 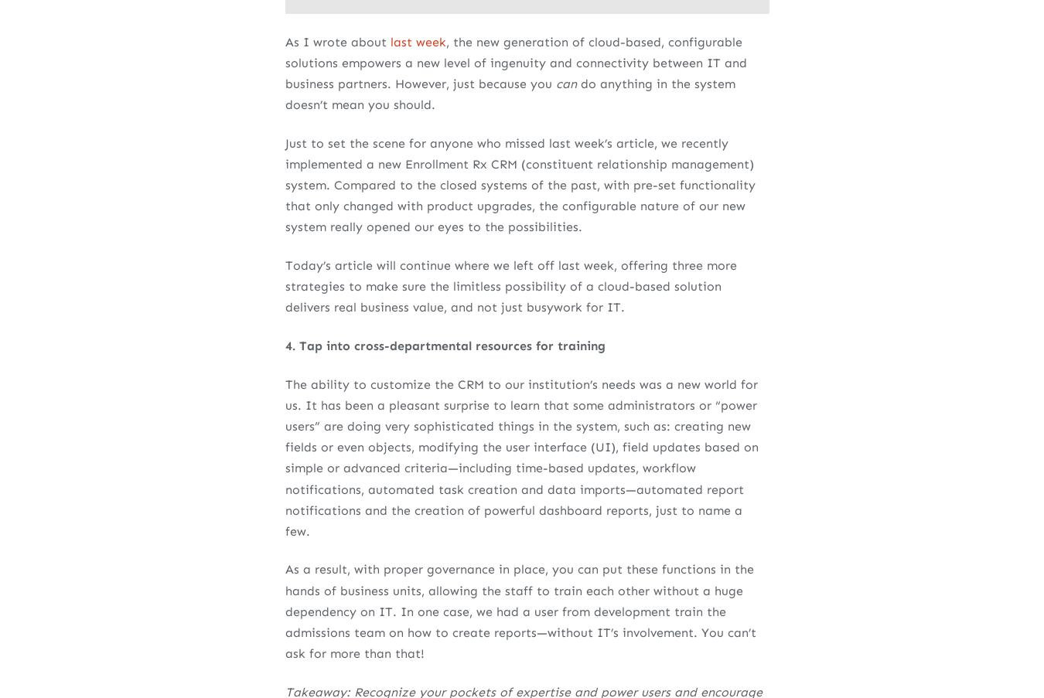 I want to click on 'Today’s article will continue where we left off last week, offering three more strategies to make sure the limitless possibility of a cloud-based solution delivers real business value, and not just busywork for IT.', so click(x=510, y=286).